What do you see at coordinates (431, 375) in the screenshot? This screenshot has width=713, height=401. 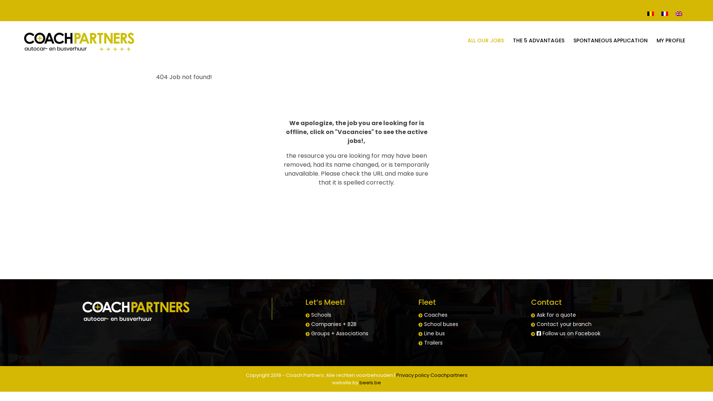 I see `'Privacy policy Coachpartners'` at bounding box center [431, 375].